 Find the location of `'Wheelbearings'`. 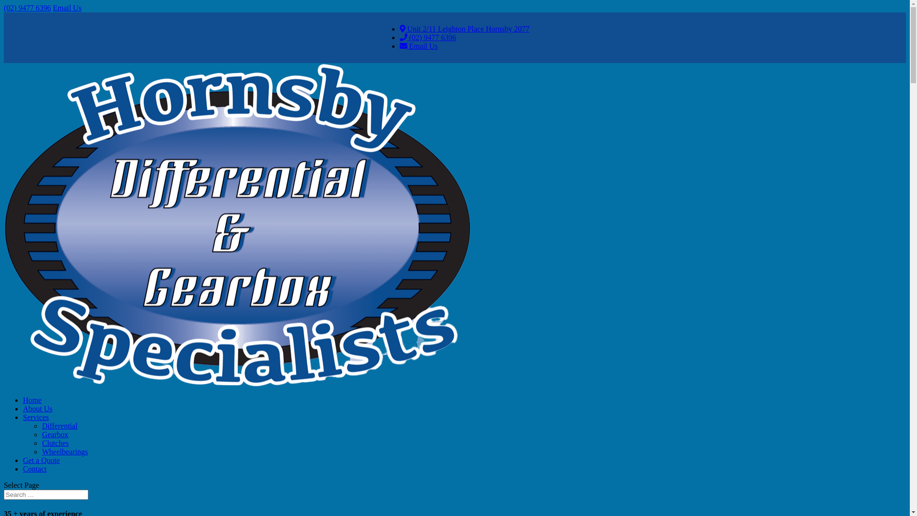

'Wheelbearings' is located at coordinates (64, 451).